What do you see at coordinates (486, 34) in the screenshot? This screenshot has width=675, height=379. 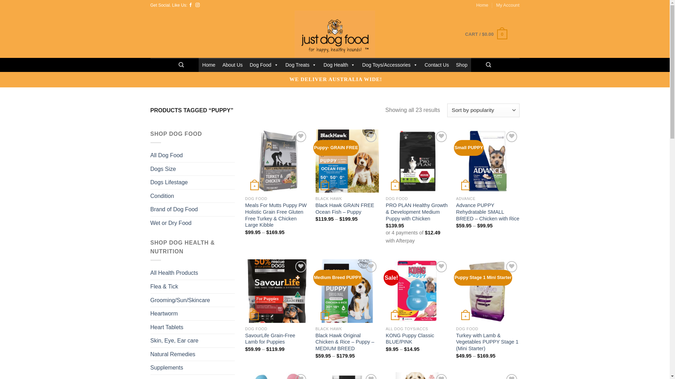 I see `'CART / $0.00` at bounding box center [486, 34].